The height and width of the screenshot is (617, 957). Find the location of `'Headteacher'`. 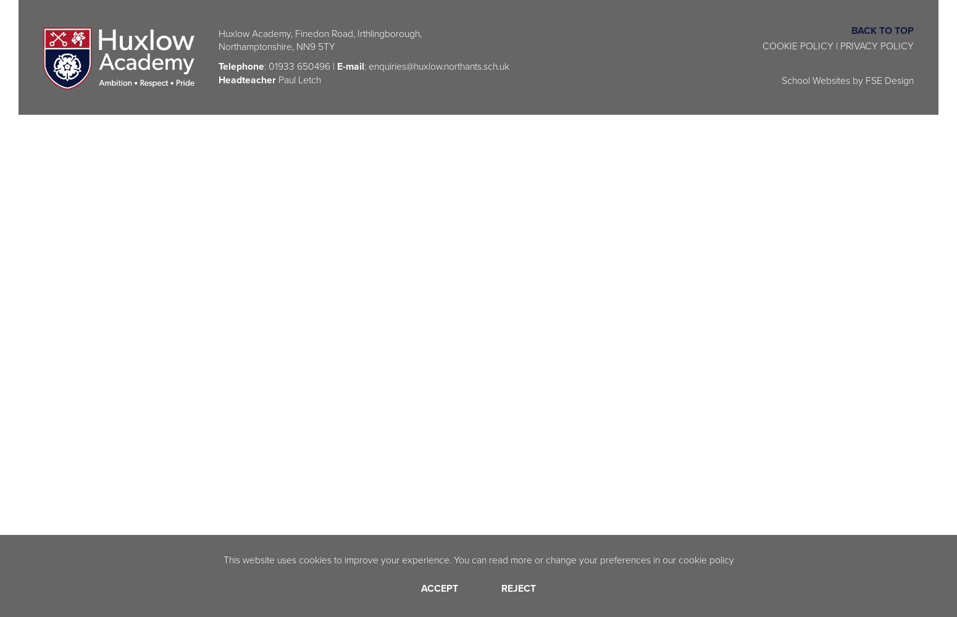

'Headteacher' is located at coordinates (246, 79).